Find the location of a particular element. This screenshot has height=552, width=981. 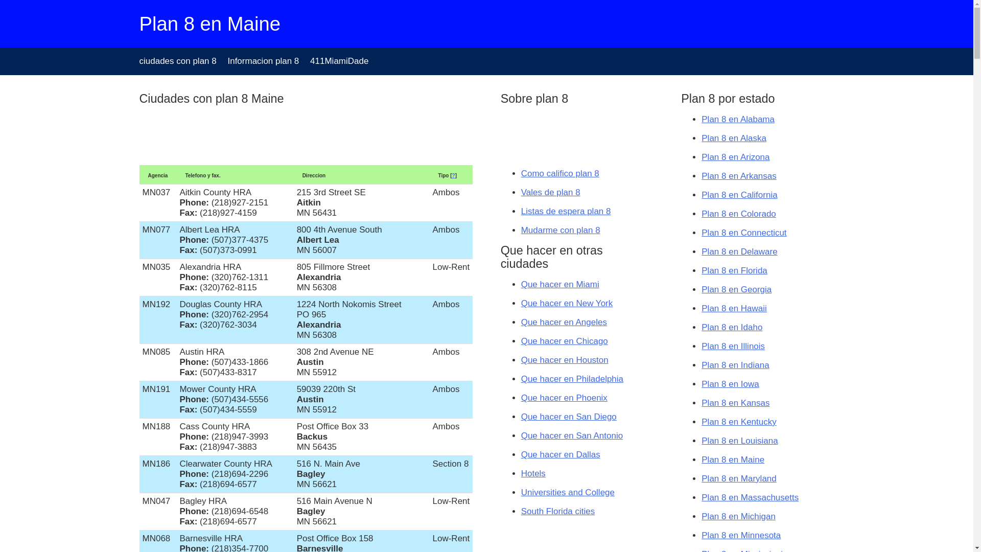

'Vales de plan 8' is located at coordinates (550, 192).